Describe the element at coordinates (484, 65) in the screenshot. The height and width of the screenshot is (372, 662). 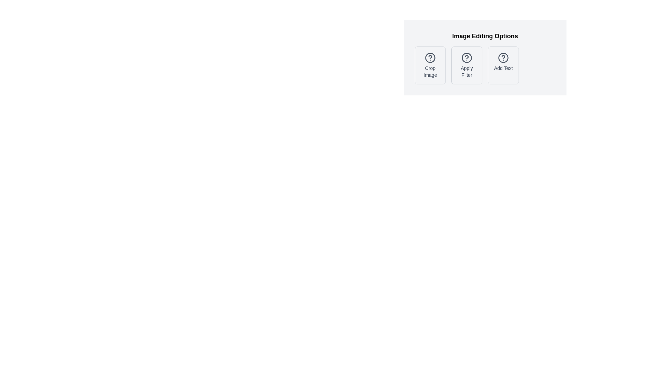
I see `the middle button in the row of three buttons under 'Image Editing Options'` at that location.